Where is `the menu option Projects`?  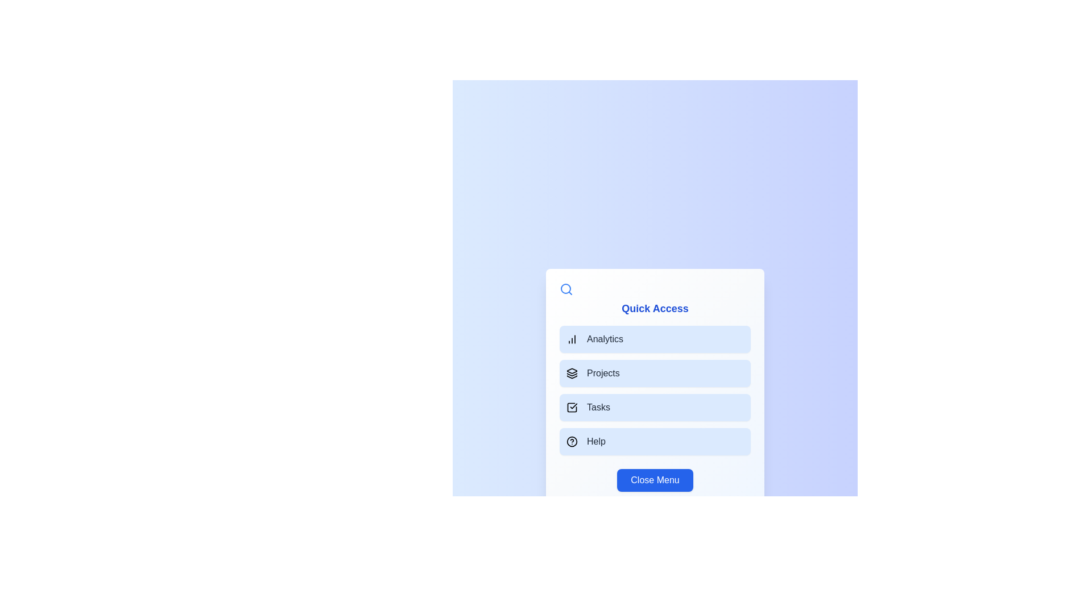 the menu option Projects is located at coordinates (655, 373).